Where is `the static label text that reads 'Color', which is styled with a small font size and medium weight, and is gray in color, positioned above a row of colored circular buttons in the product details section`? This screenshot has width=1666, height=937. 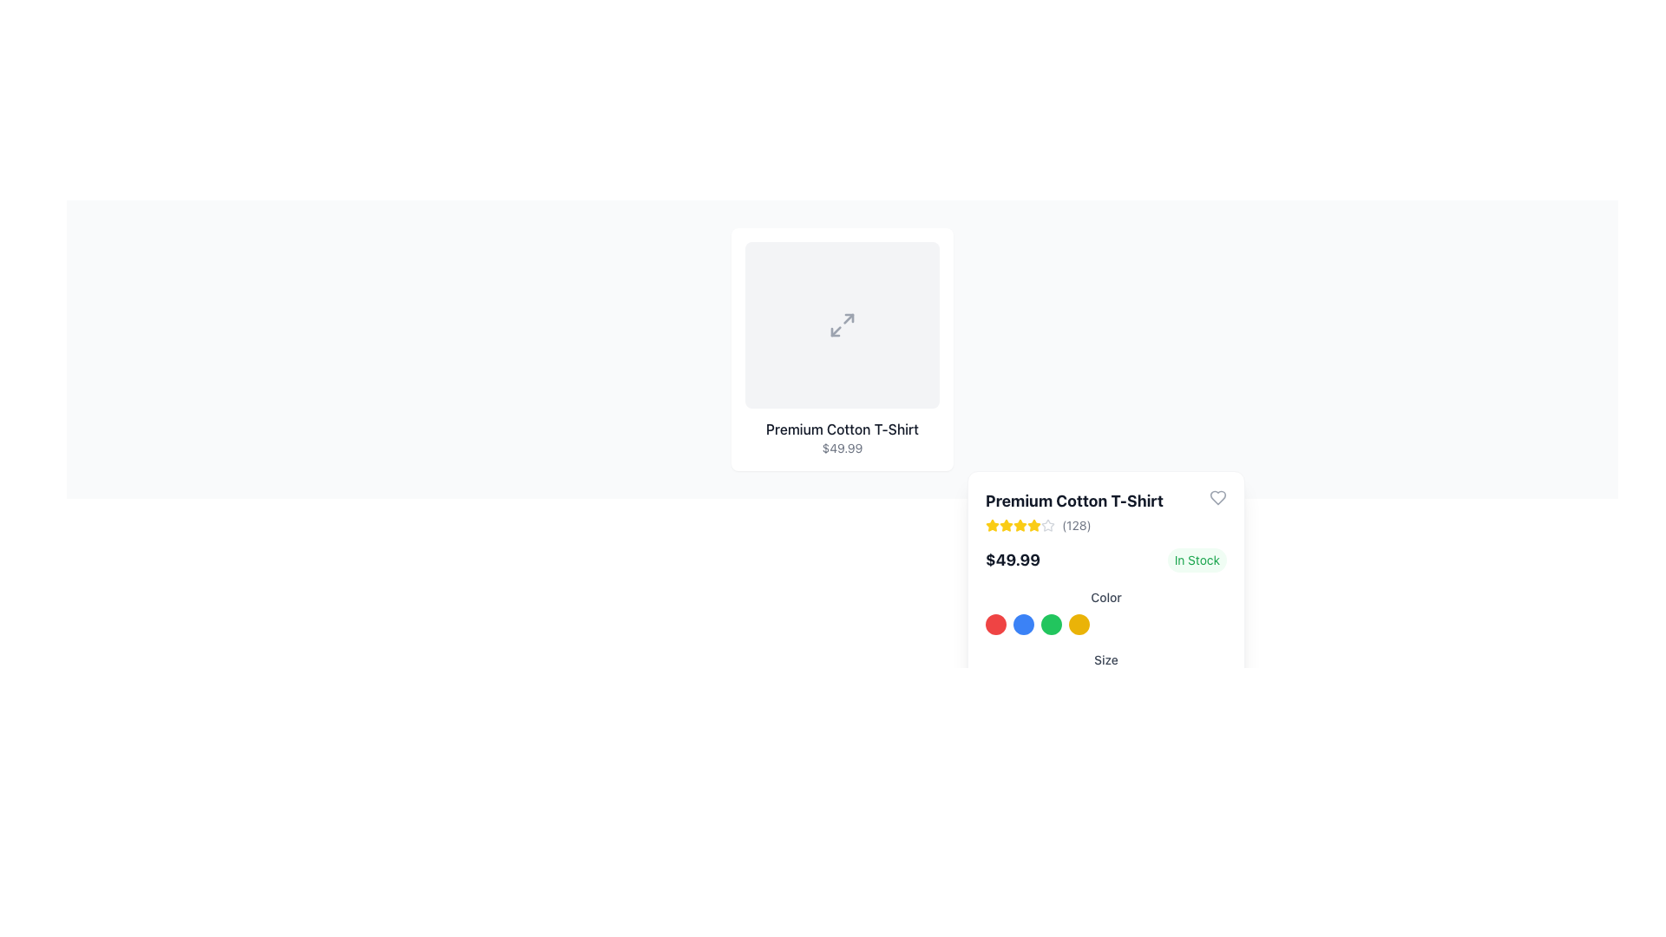
the static label text that reads 'Color', which is styled with a small font size and medium weight, and is gray in color, positioned above a row of colored circular buttons in the product details section is located at coordinates (1105, 596).